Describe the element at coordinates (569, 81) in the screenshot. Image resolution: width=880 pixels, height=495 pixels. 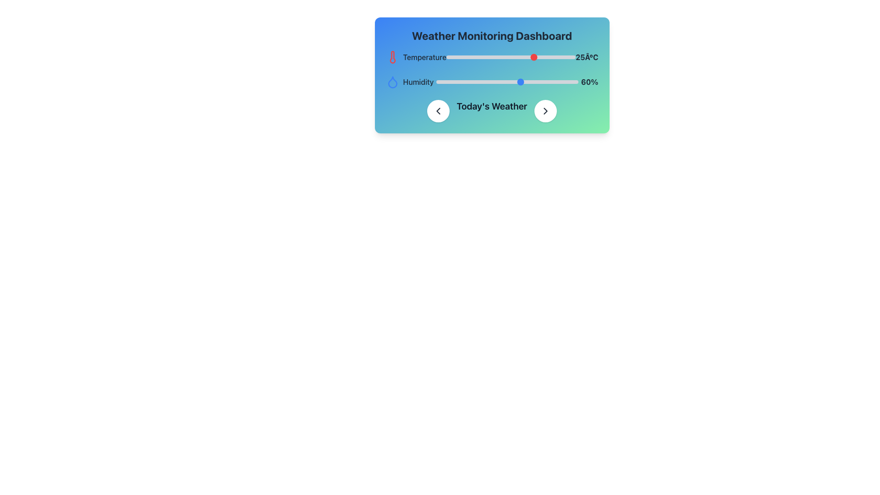
I see `humidity` at that location.